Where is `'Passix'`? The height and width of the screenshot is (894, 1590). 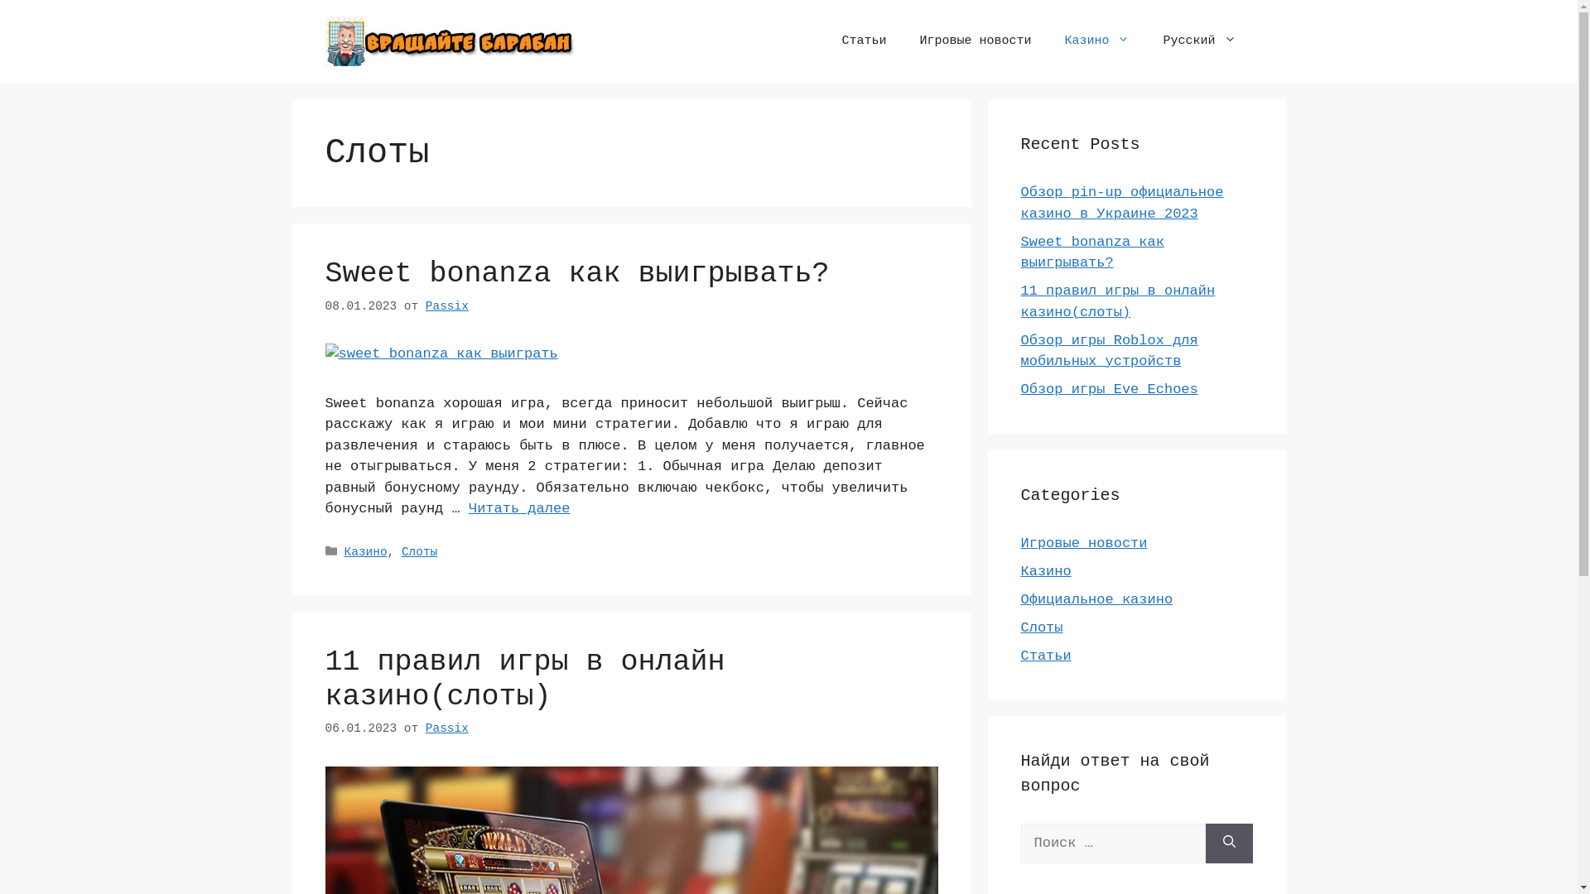
'Passix' is located at coordinates (446, 306).